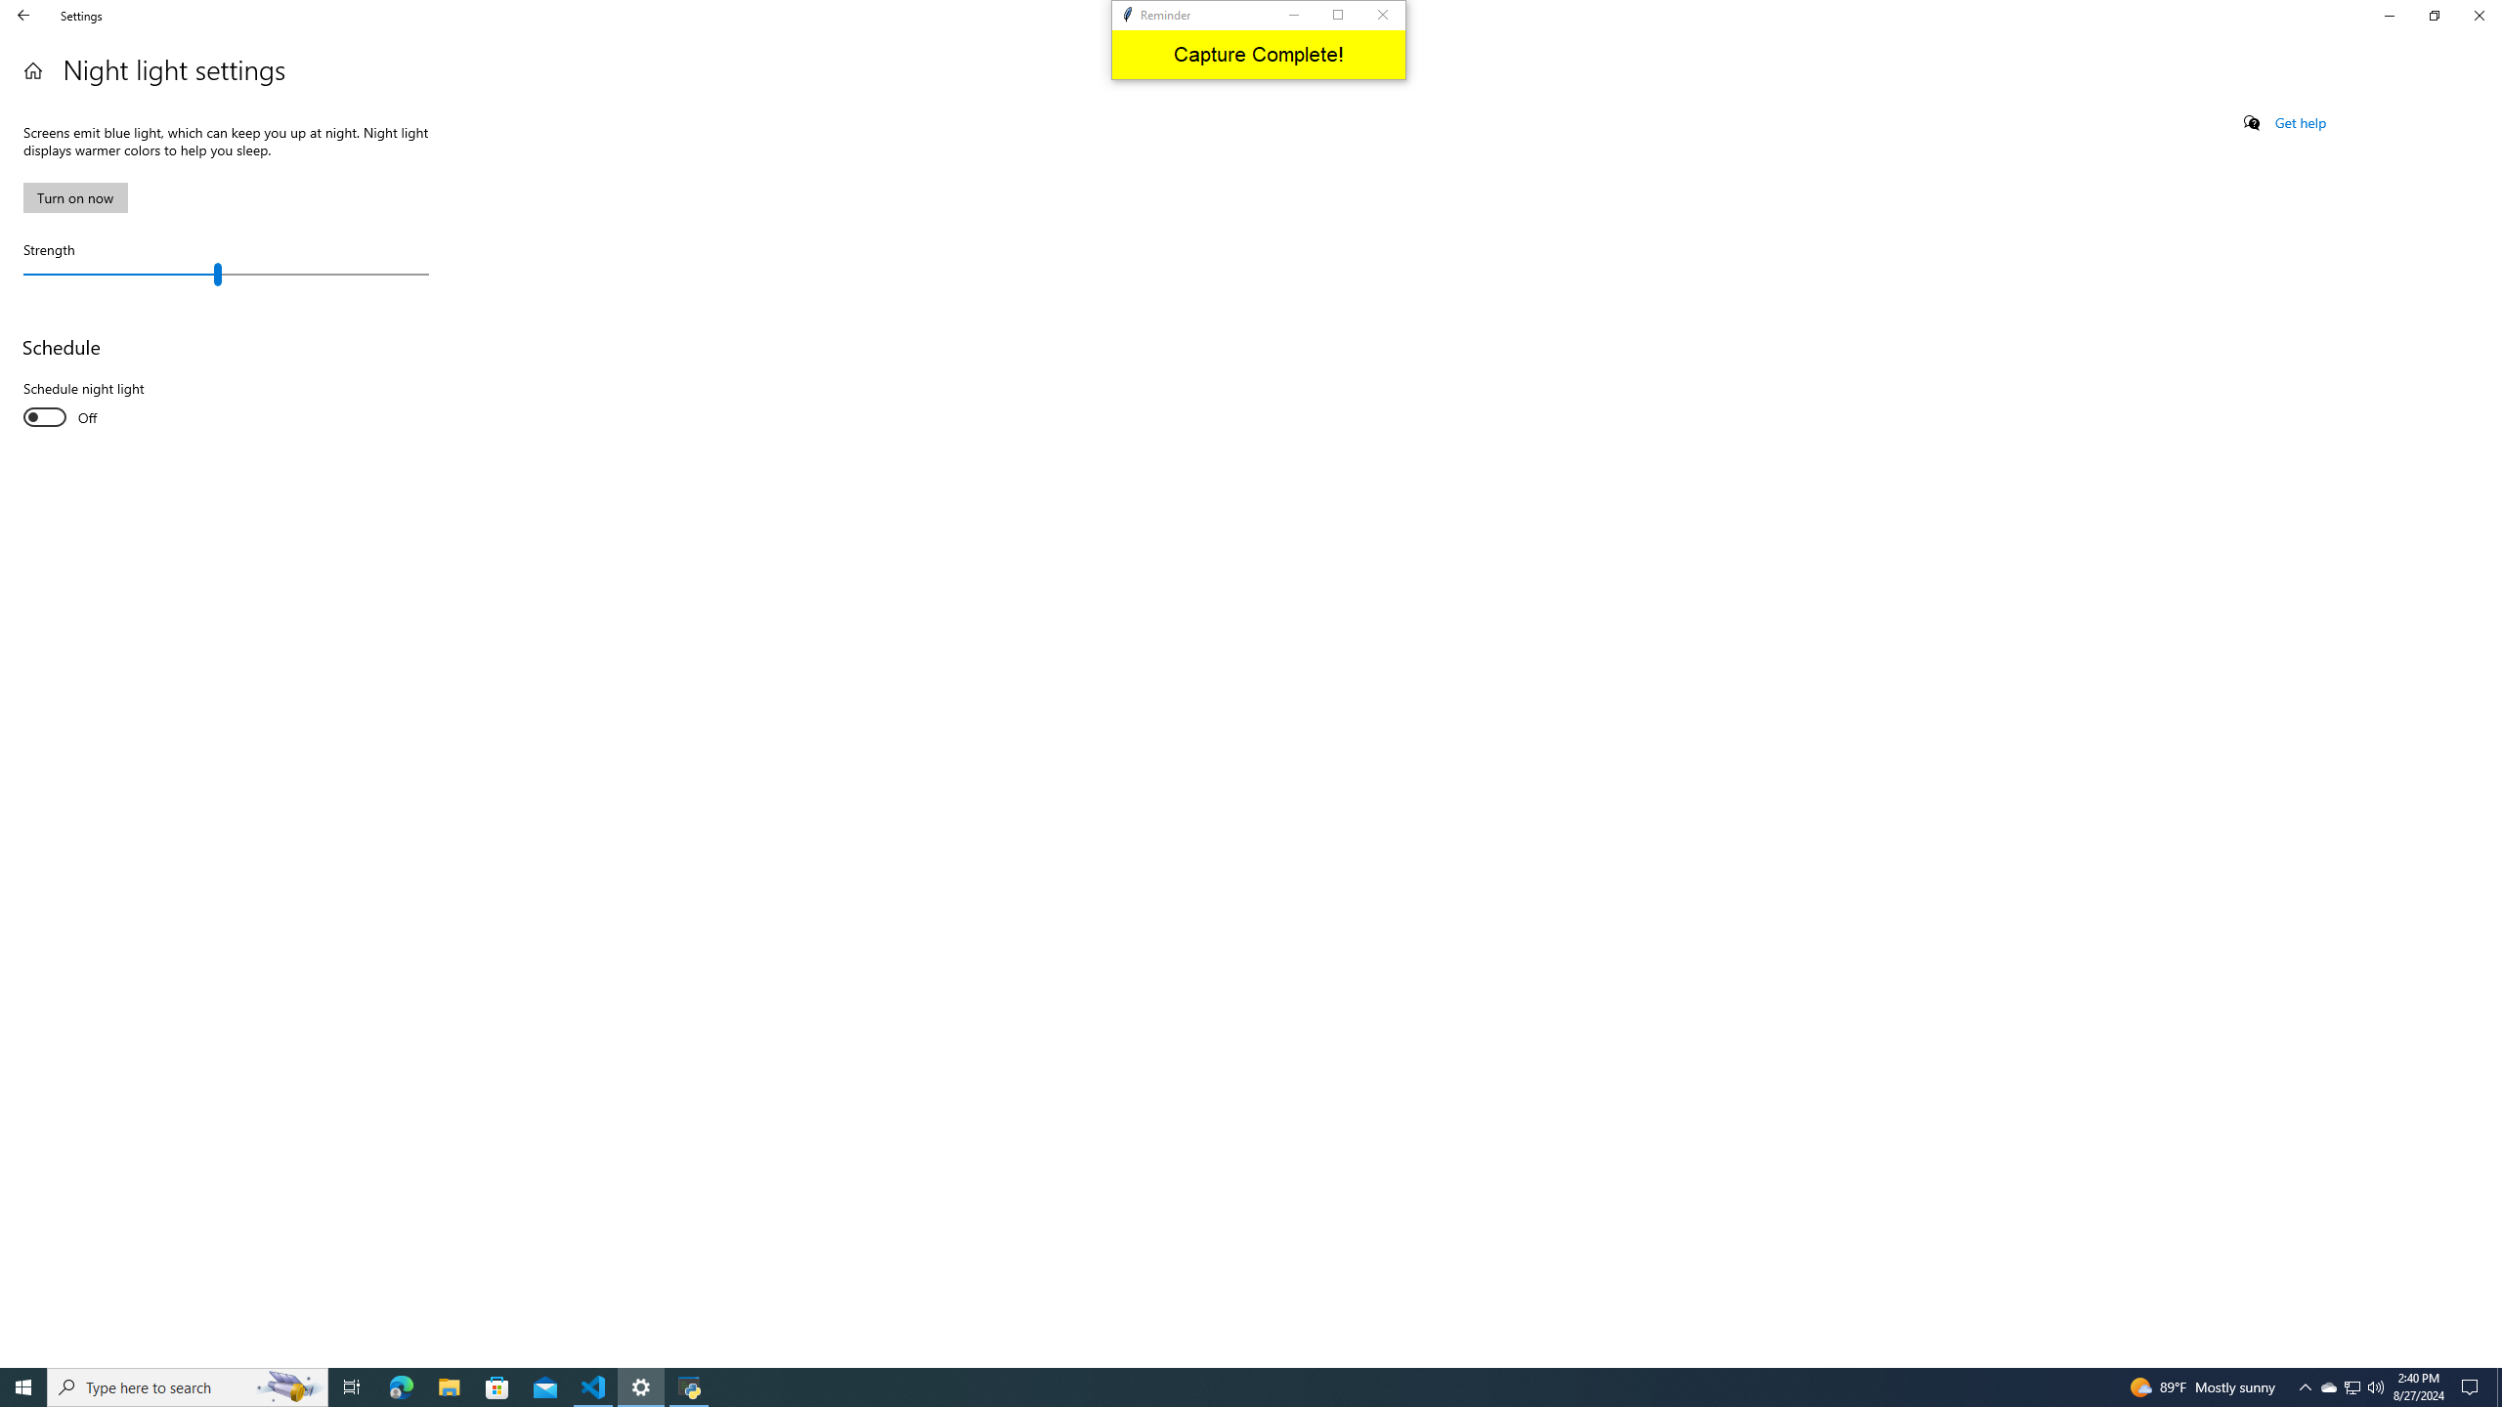 Image resolution: width=2502 pixels, height=1407 pixels. What do you see at coordinates (2434, 15) in the screenshot?
I see `'Restore Settings'` at bounding box center [2434, 15].